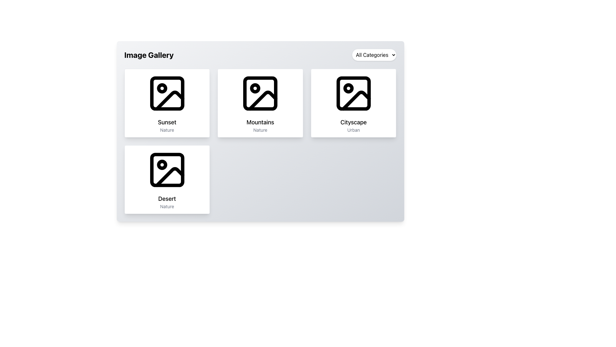  What do you see at coordinates (167, 169) in the screenshot?
I see `the icon in the bottom-left panel of the 'Image Gallery' grid layout that represents the 'Desert' category` at bounding box center [167, 169].